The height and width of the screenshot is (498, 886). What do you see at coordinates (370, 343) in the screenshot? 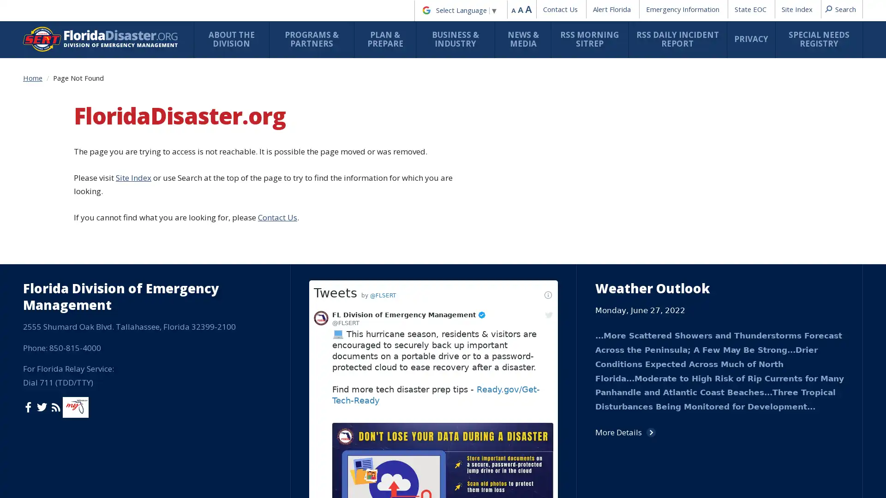
I see `Toggle More` at bounding box center [370, 343].